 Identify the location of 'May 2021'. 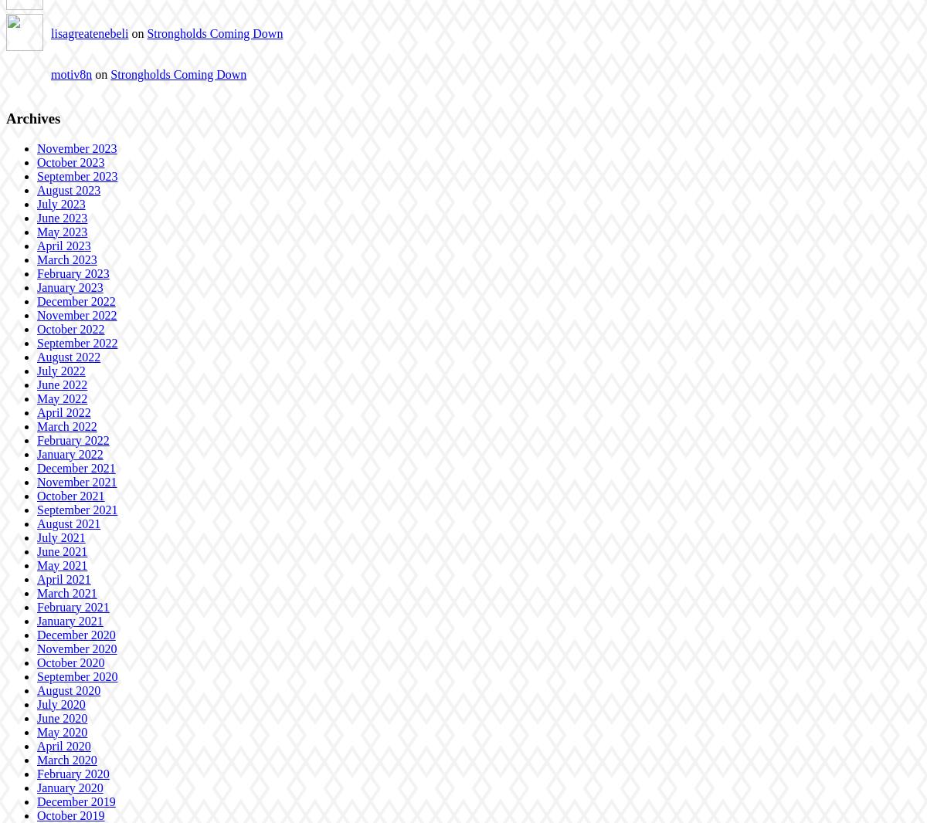
(62, 564).